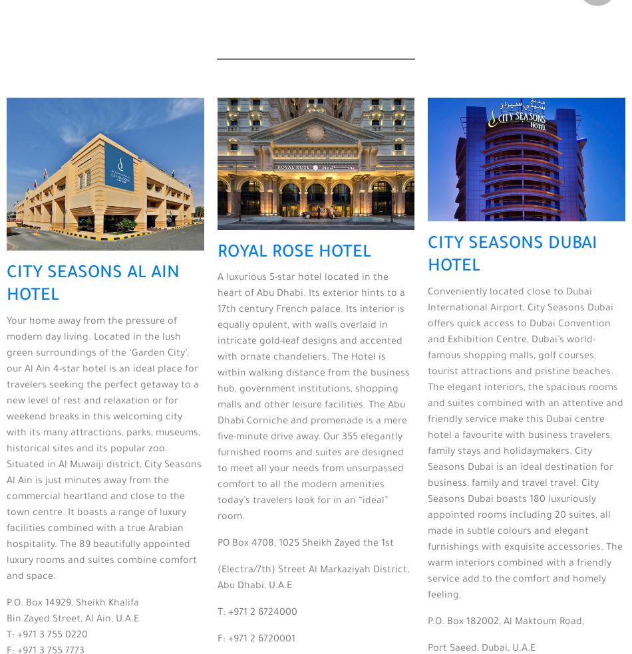 This screenshot has height=654, width=632. What do you see at coordinates (255, 640) in the screenshot?
I see `'F: +971 2 6720001'` at bounding box center [255, 640].